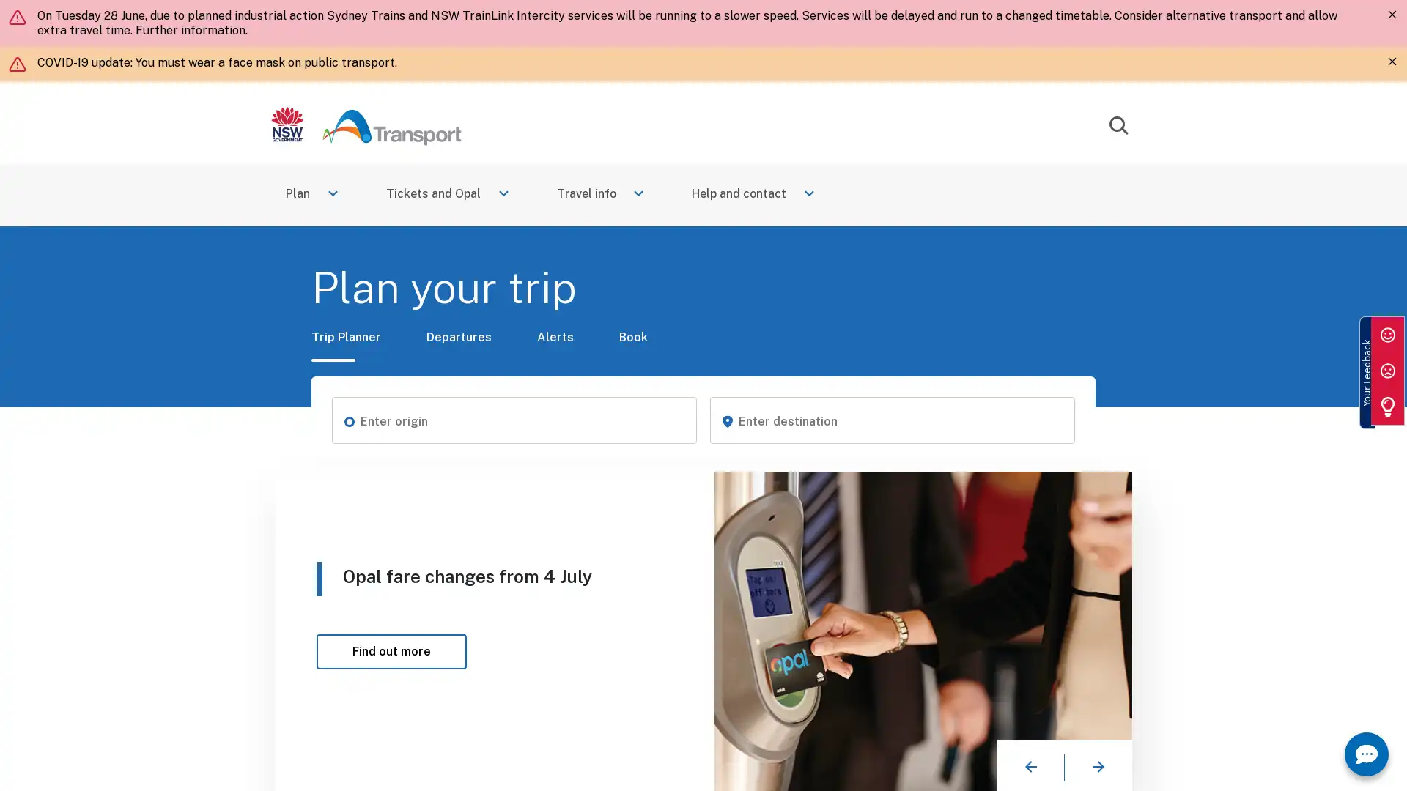 The width and height of the screenshot is (1407, 791). What do you see at coordinates (755, 194) in the screenshot?
I see `Help and contact` at bounding box center [755, 194].